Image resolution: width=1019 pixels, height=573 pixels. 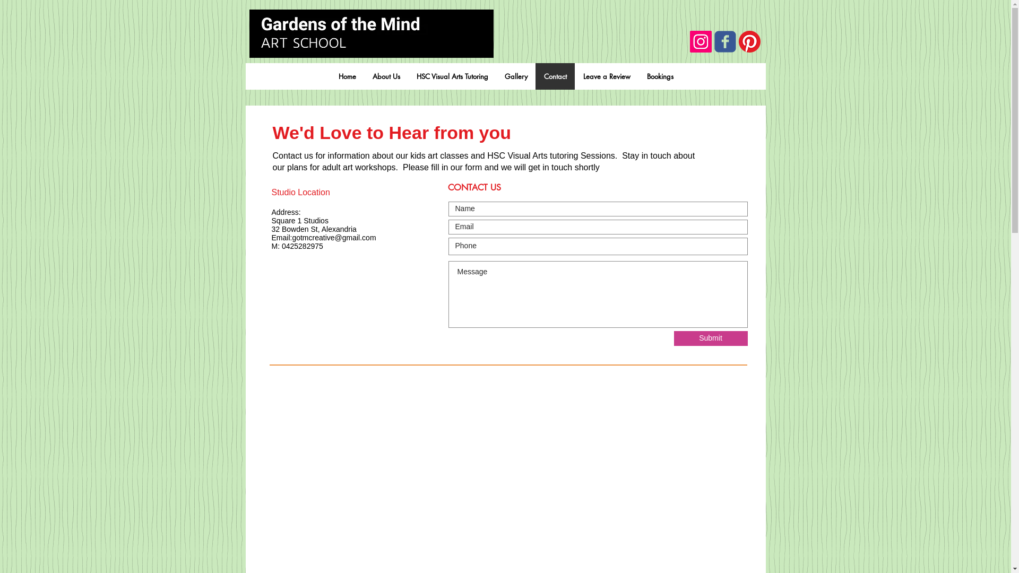 I want to click on 'Home', so click(x=347, y=75).